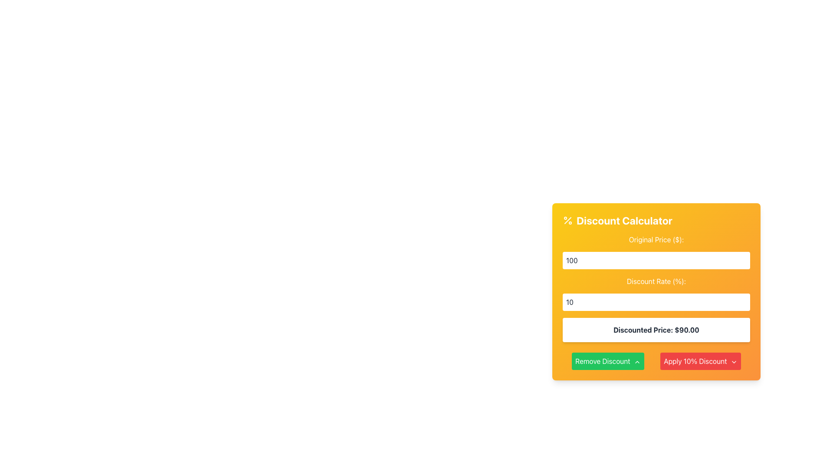 Image resolution: width=833 pixels, height=469 pixels. Describe the element at coordinates (656, 301) in the screenshot. I see `the Numeric Input Field for the 'Discount Rate (%)' located below the 'Original Price ($)' input box in the yellow calculator section` at that location.